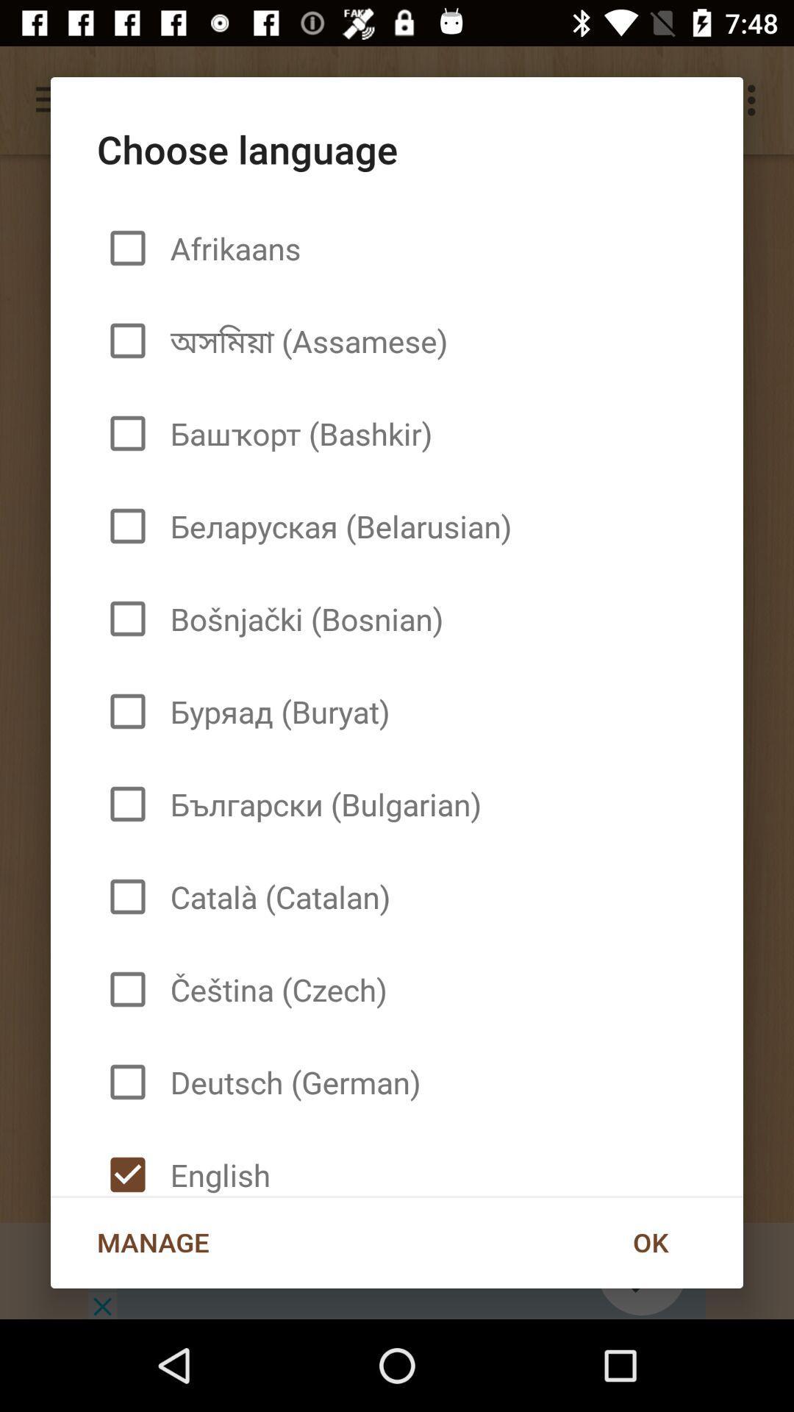  Describe the element at coordinates (649, 1241) in the screenshot. I see `ok` at that location.